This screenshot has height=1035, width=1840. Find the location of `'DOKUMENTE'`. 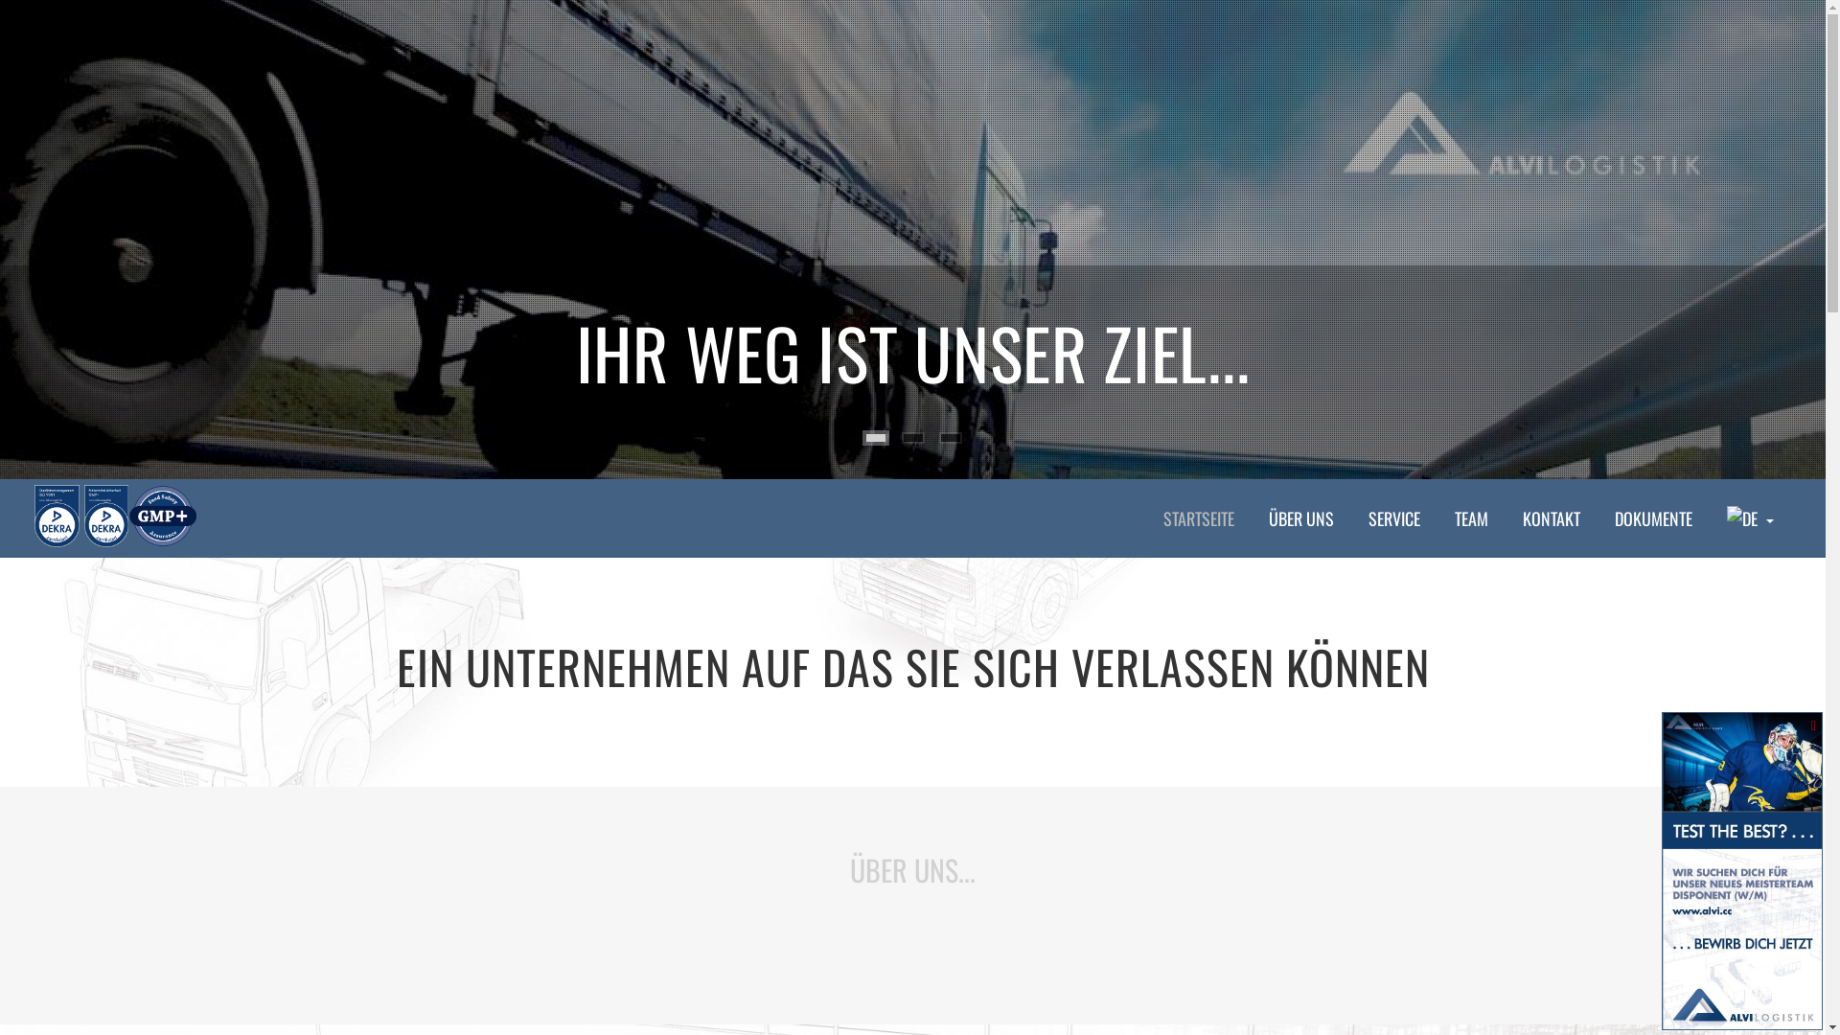

'DOKUMENTE' is located at coordinates (1652, 517).